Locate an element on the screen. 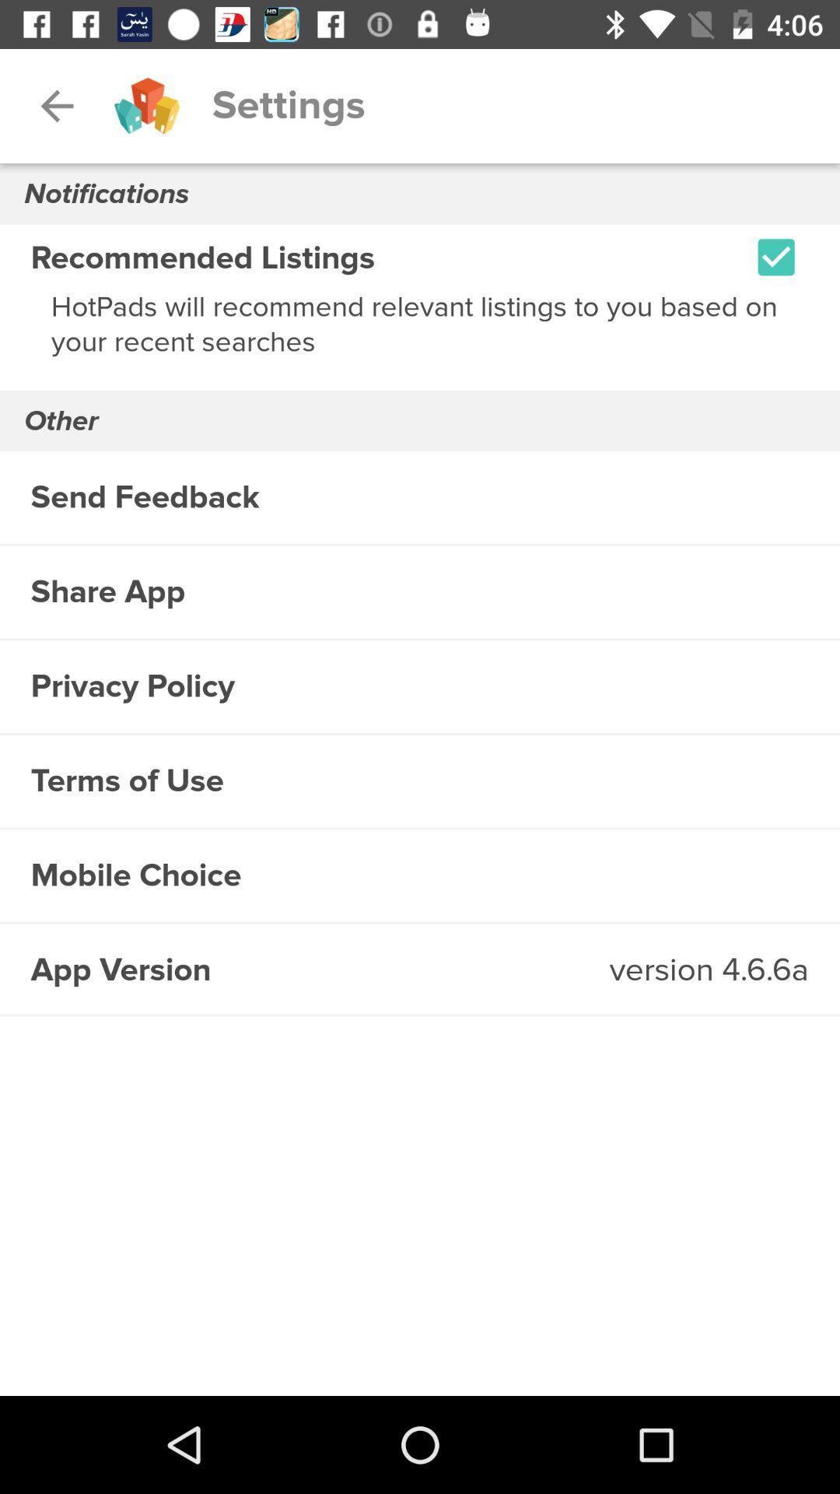  the item below other icon is located at coordinates (420, 496).